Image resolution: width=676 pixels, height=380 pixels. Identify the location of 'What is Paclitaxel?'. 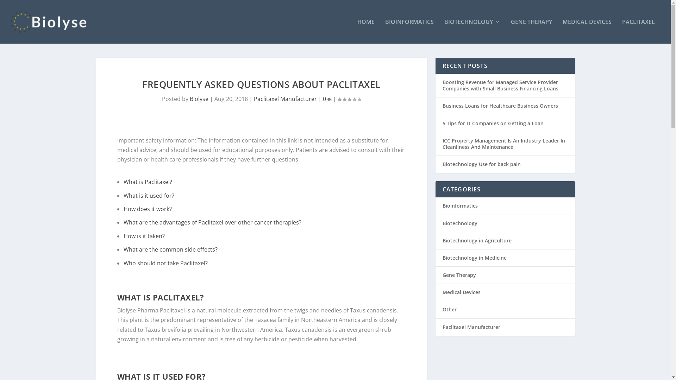
(148, 181).